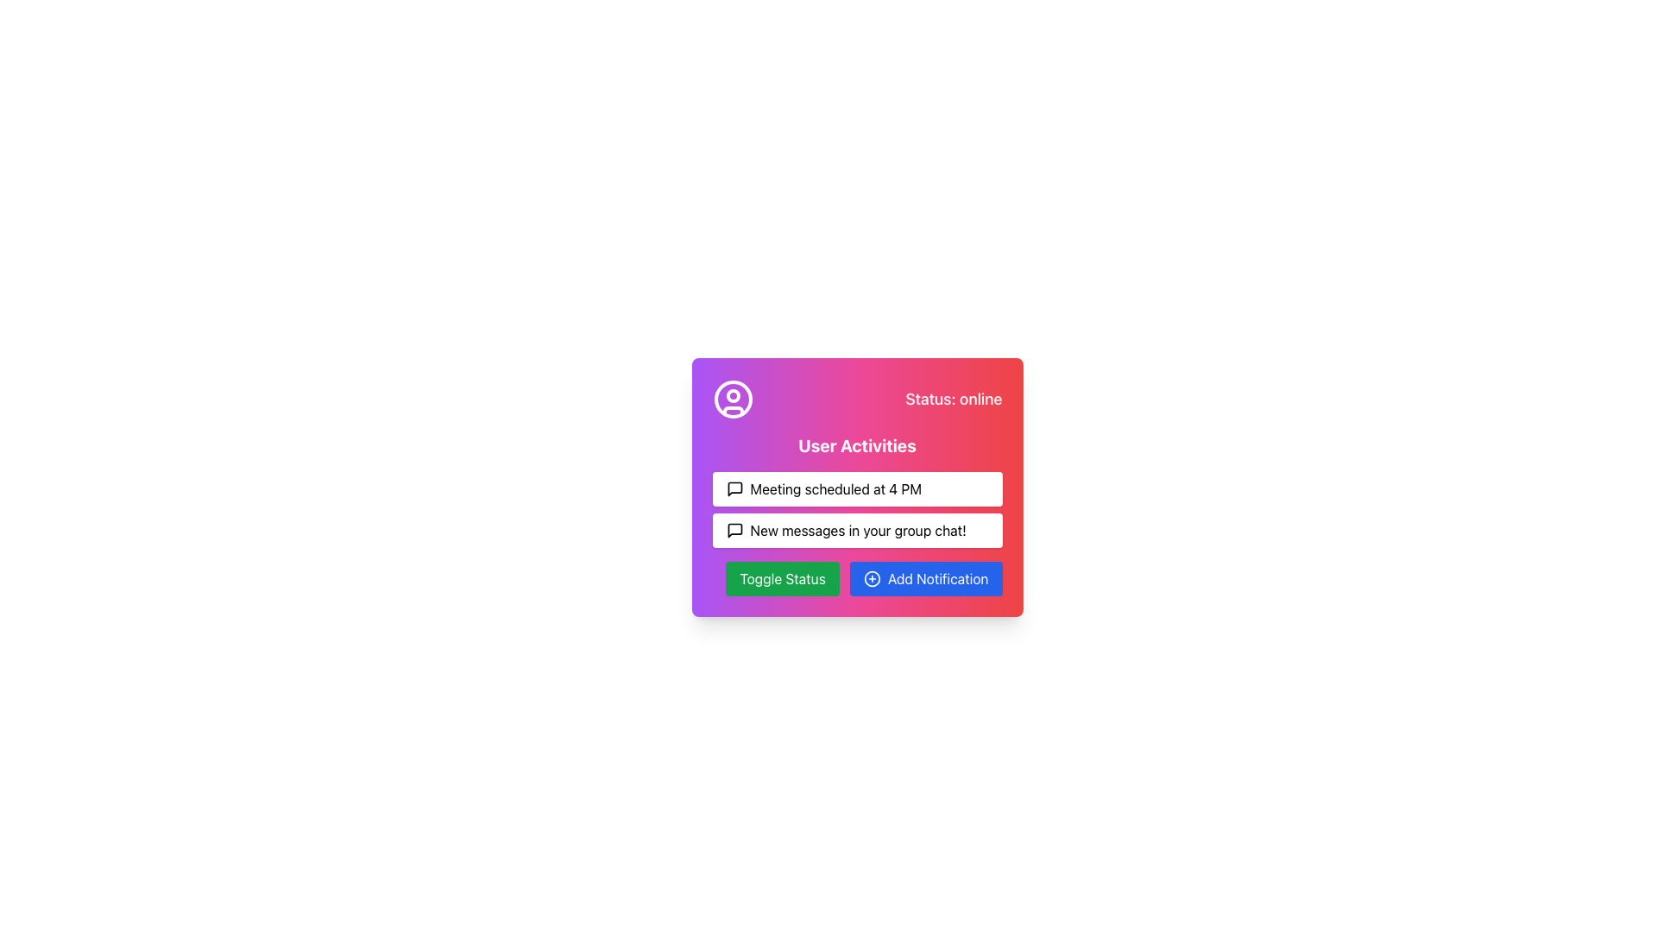  What do you see at coordinates (734, 529) in the screenshot?
I see `the speech bubble icon located in the second row of the 'User Activities' section within the gradient-styled card interface, adjacent to the text 'New messages in your group chat!'` at bounding box center [734, 529].